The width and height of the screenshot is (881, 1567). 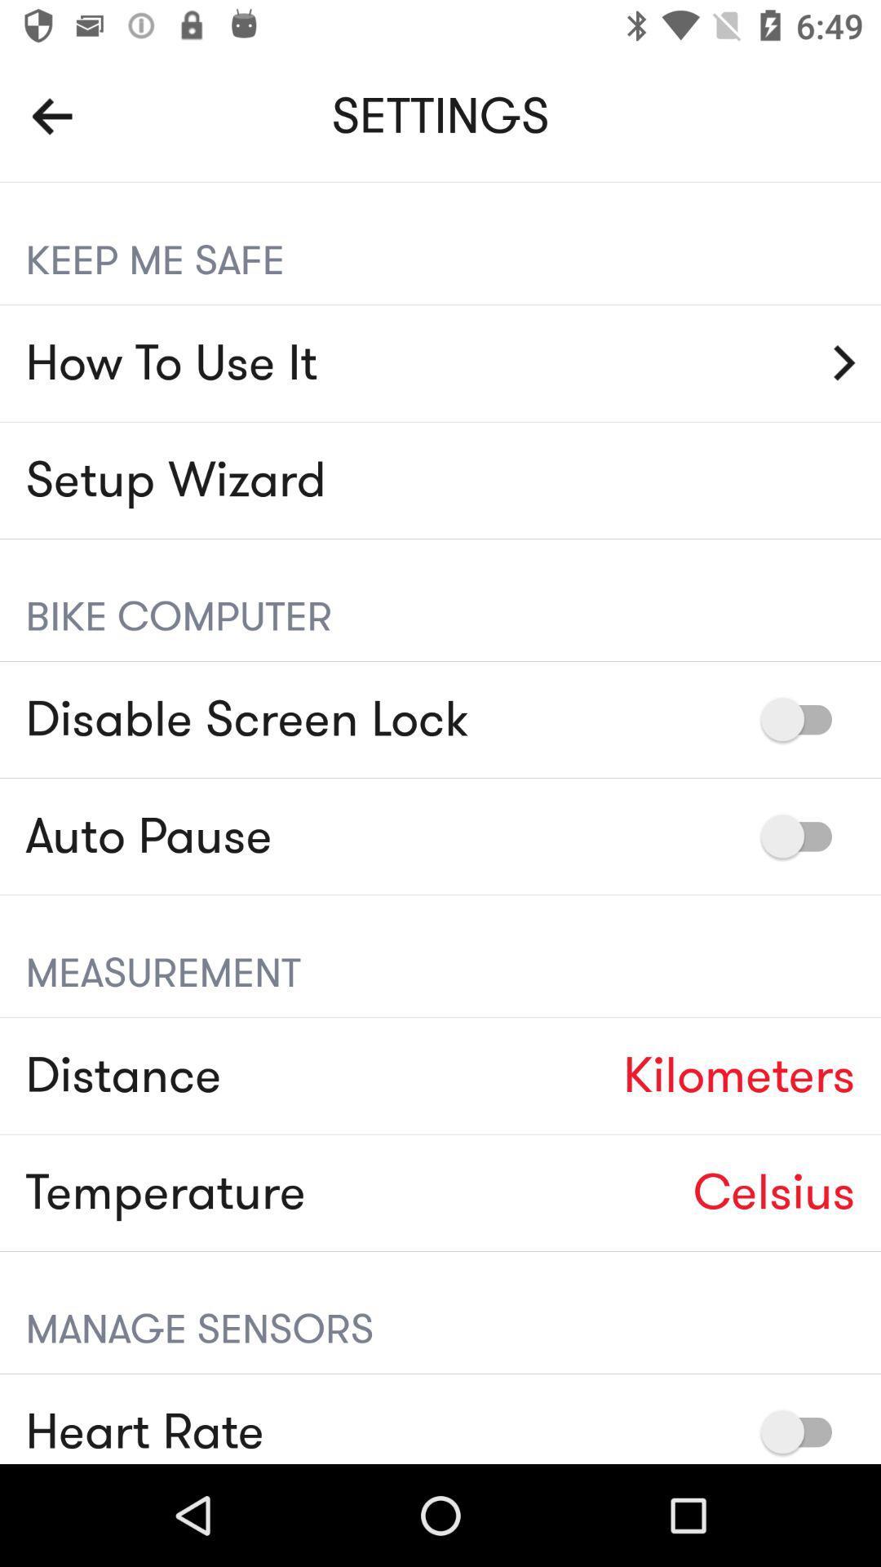 I want to click on return to previous screen, so click(x=51, y=115).